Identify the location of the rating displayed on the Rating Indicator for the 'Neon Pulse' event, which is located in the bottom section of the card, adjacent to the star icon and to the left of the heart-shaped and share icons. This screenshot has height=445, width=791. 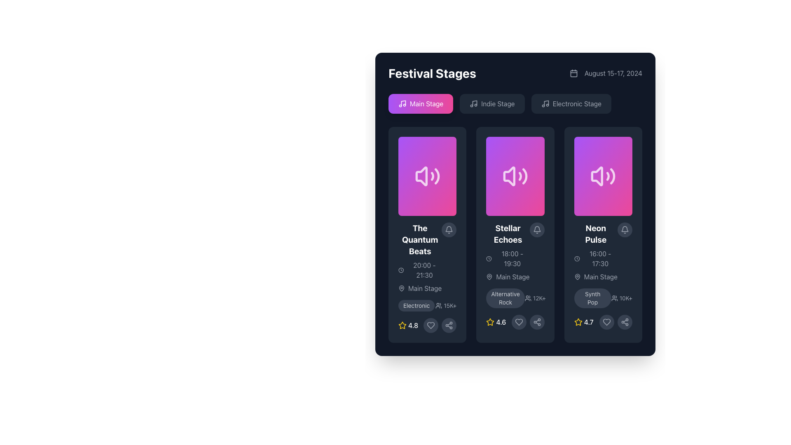
(583, 322).